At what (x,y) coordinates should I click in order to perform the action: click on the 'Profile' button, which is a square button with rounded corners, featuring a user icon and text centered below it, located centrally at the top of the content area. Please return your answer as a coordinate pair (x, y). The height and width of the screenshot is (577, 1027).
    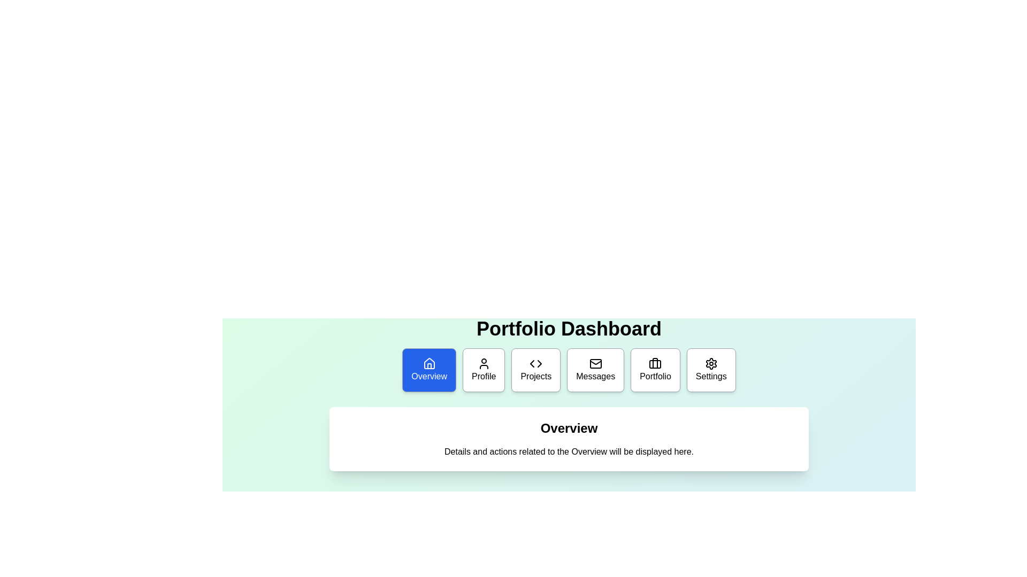
    Looking at the image, I should click on (483, 370).